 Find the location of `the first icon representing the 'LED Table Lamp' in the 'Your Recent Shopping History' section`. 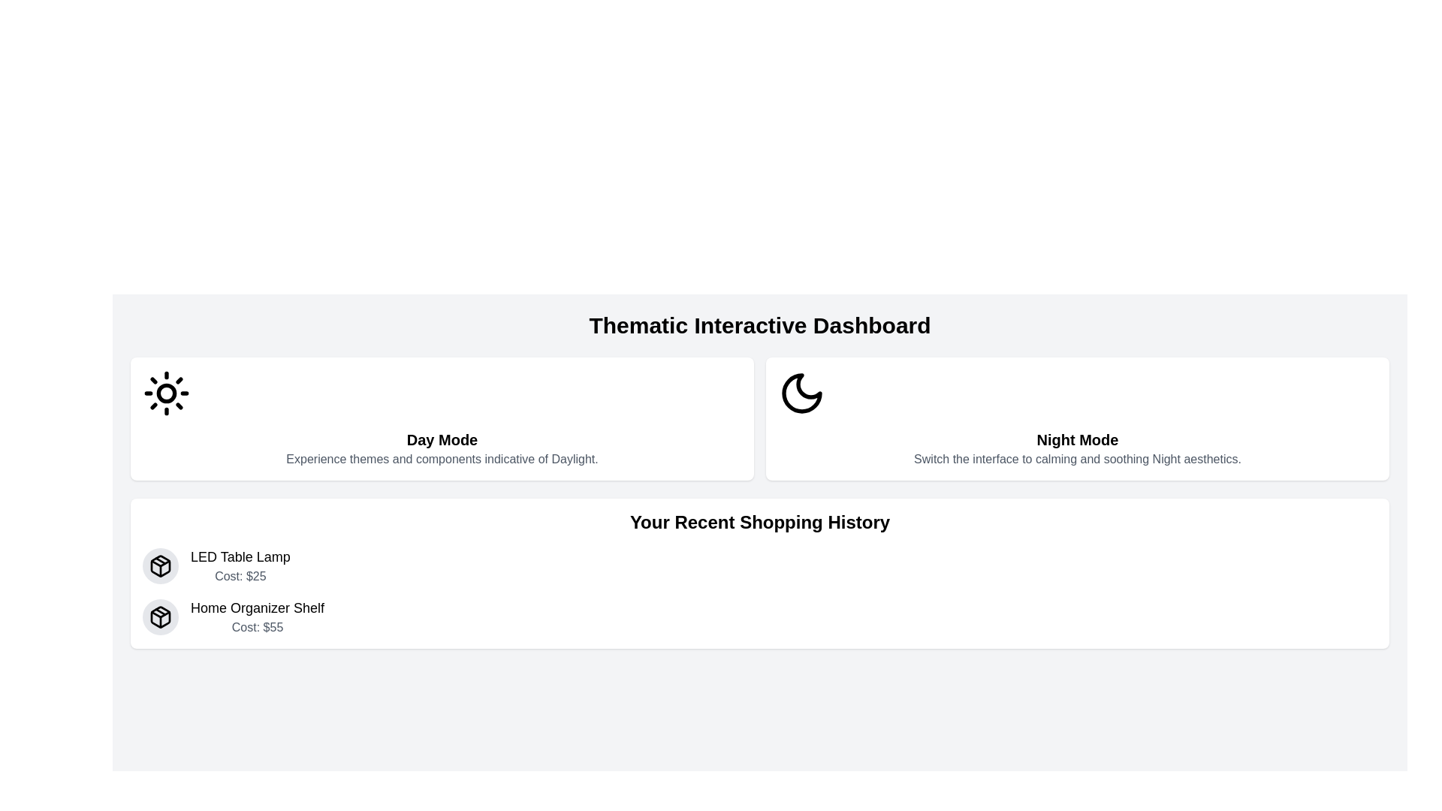

the first icon representing the 'LED Table Lamp' in the 'Your Recent Shopping History' section is located at coordinates (161, 565).